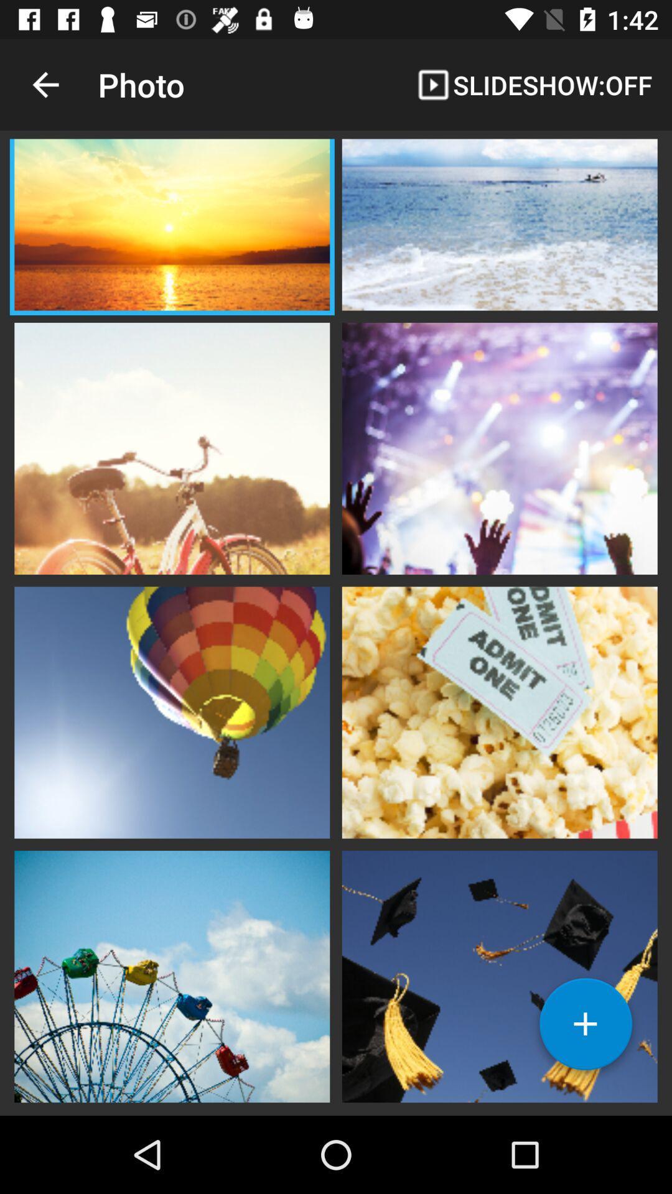 Image resolution: width=672 pixels, height=1194 pixels. Describe the element at coordinates (172, 447) in the screenshot. I see `this picture` at that location.